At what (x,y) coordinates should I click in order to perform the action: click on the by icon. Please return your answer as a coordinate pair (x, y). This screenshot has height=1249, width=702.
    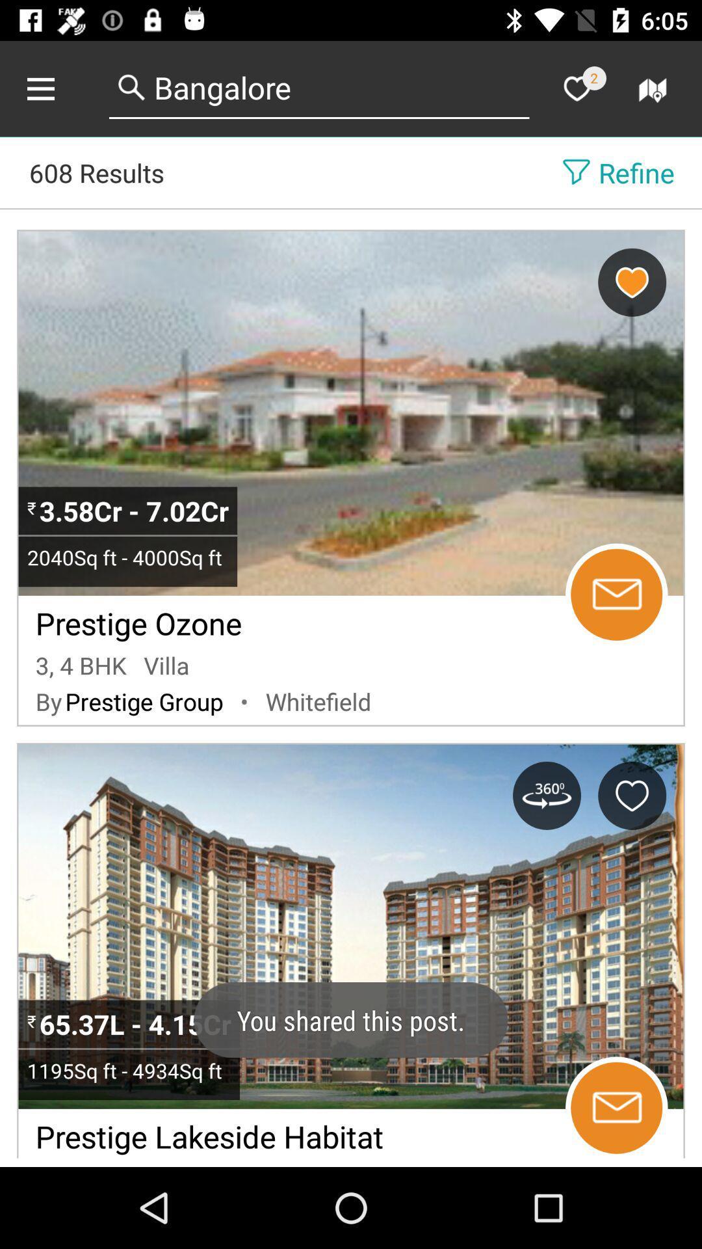
    Looking at the image, I should click on (47, 701).